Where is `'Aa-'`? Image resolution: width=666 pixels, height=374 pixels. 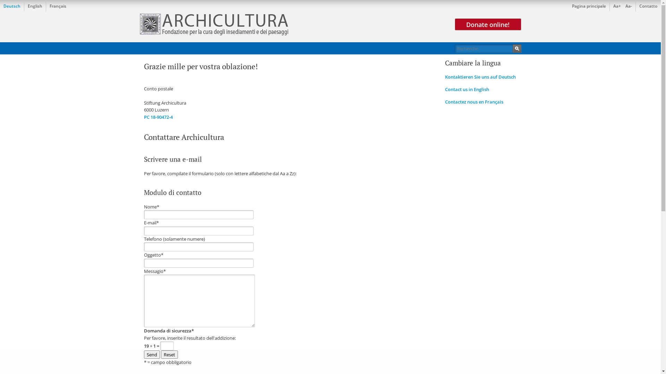
'Aa-' is located at coordinates (629, 6).